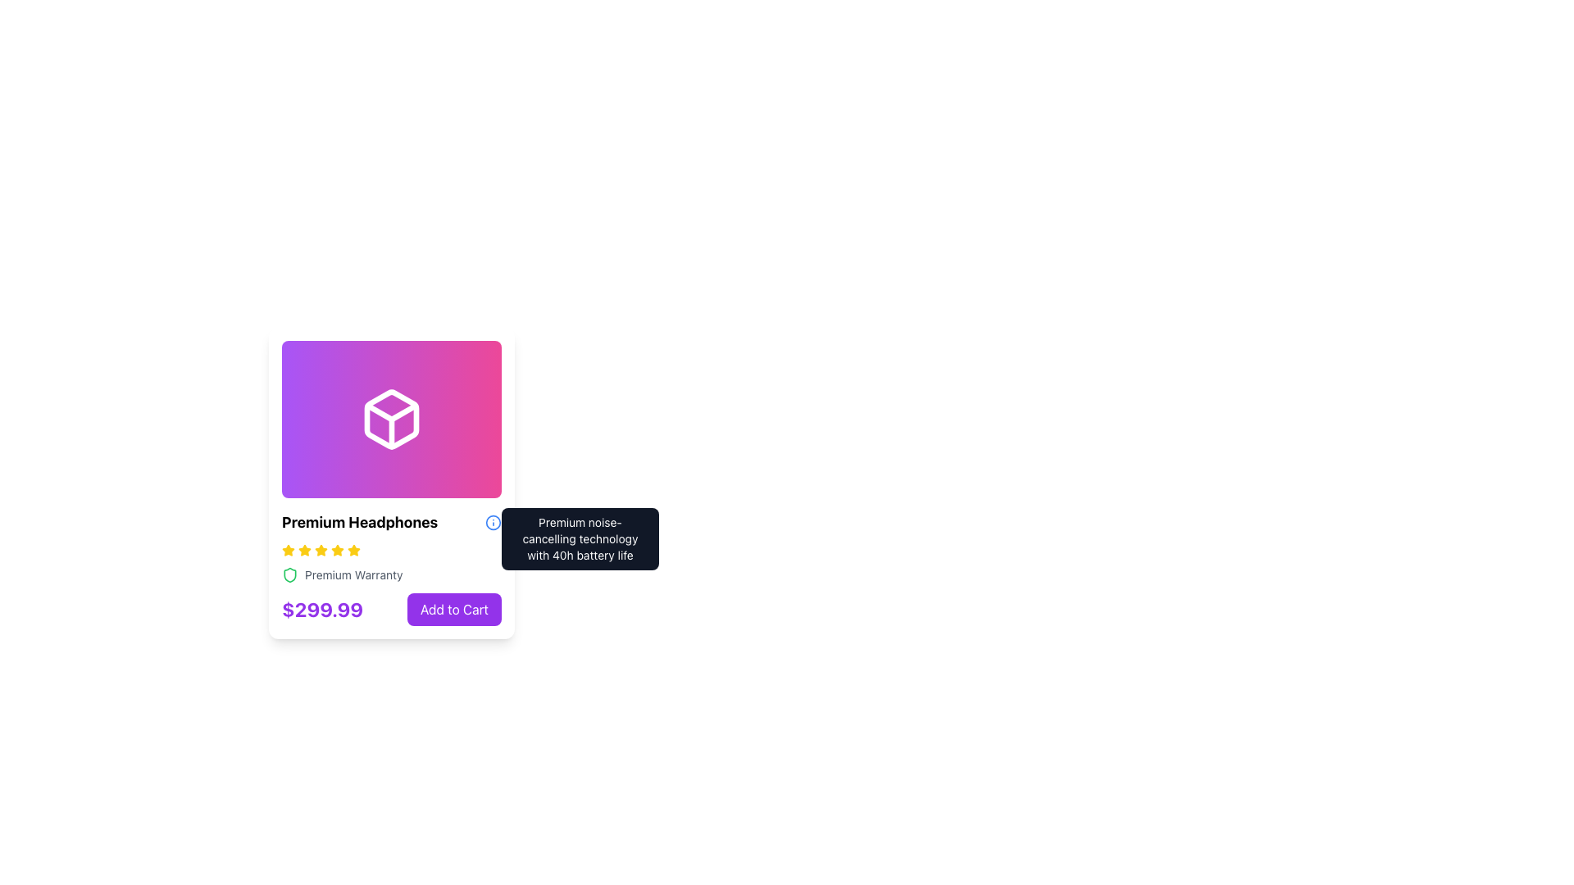  Describe the element at coordinates (391, 610) in the screenshot. I see `the price element of the Interactive pricing and action component located below the 'Premium Warranty' section` at that location.